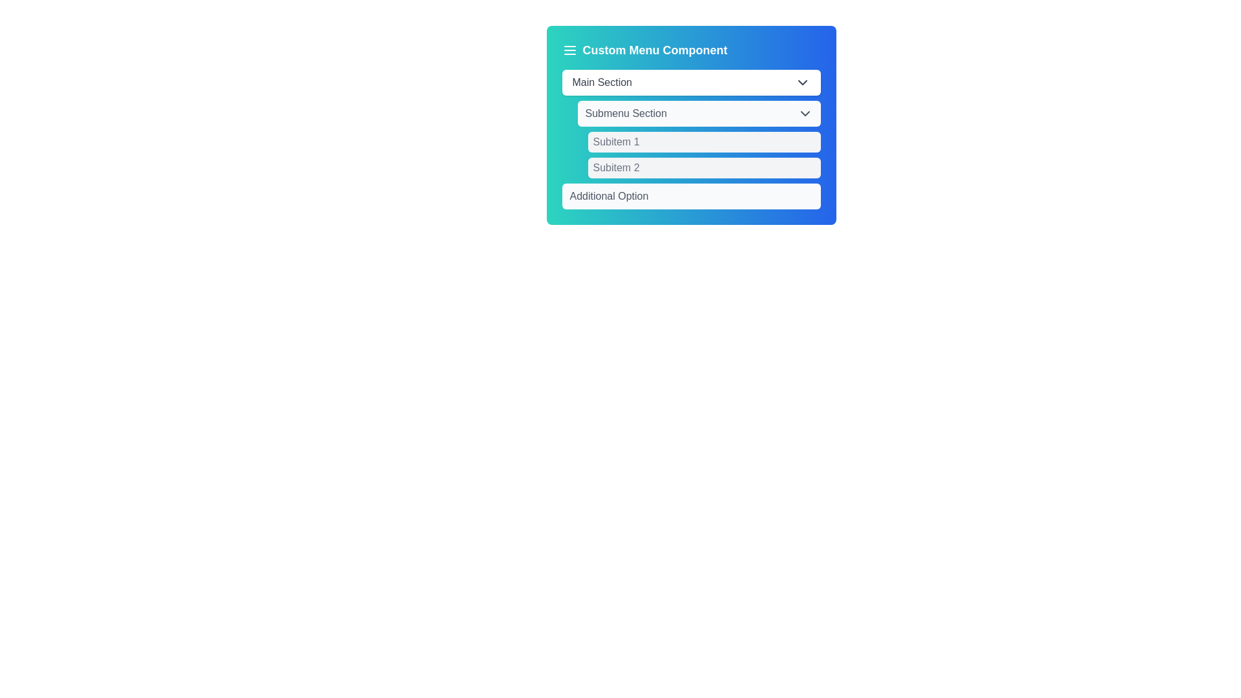 This screenshot has height=698, width=1241. Describe the element at coordinates (690, 82) in the screenshot. I see `the dropdown menu trigger located below the title of the 'Custom Menu Component'` at that location.